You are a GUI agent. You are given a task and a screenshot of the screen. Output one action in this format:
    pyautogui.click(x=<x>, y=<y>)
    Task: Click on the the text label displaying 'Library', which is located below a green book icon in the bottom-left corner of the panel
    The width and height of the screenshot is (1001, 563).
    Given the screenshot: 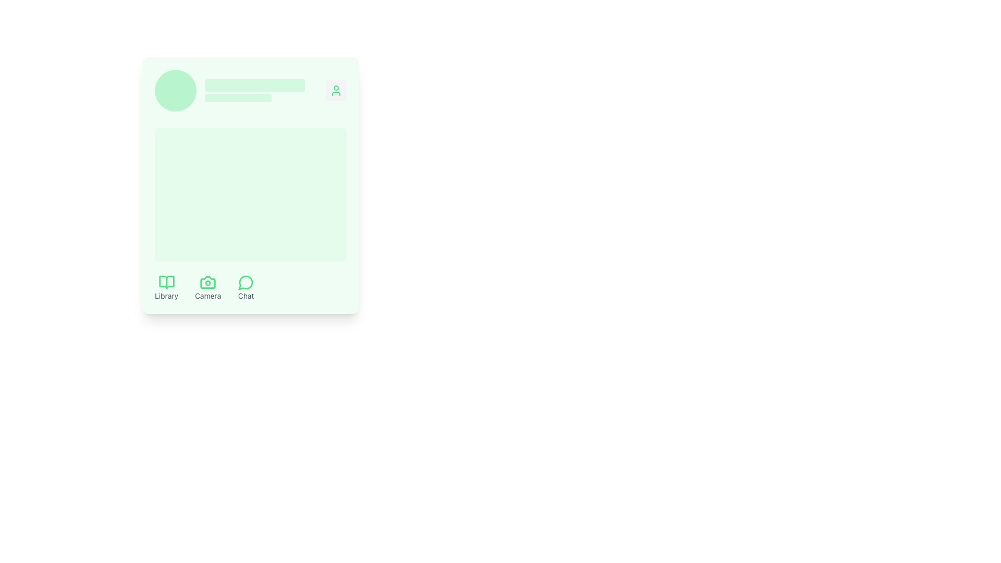 What is the action you would take?
    pyautogui.click(x=166, y=296)
    